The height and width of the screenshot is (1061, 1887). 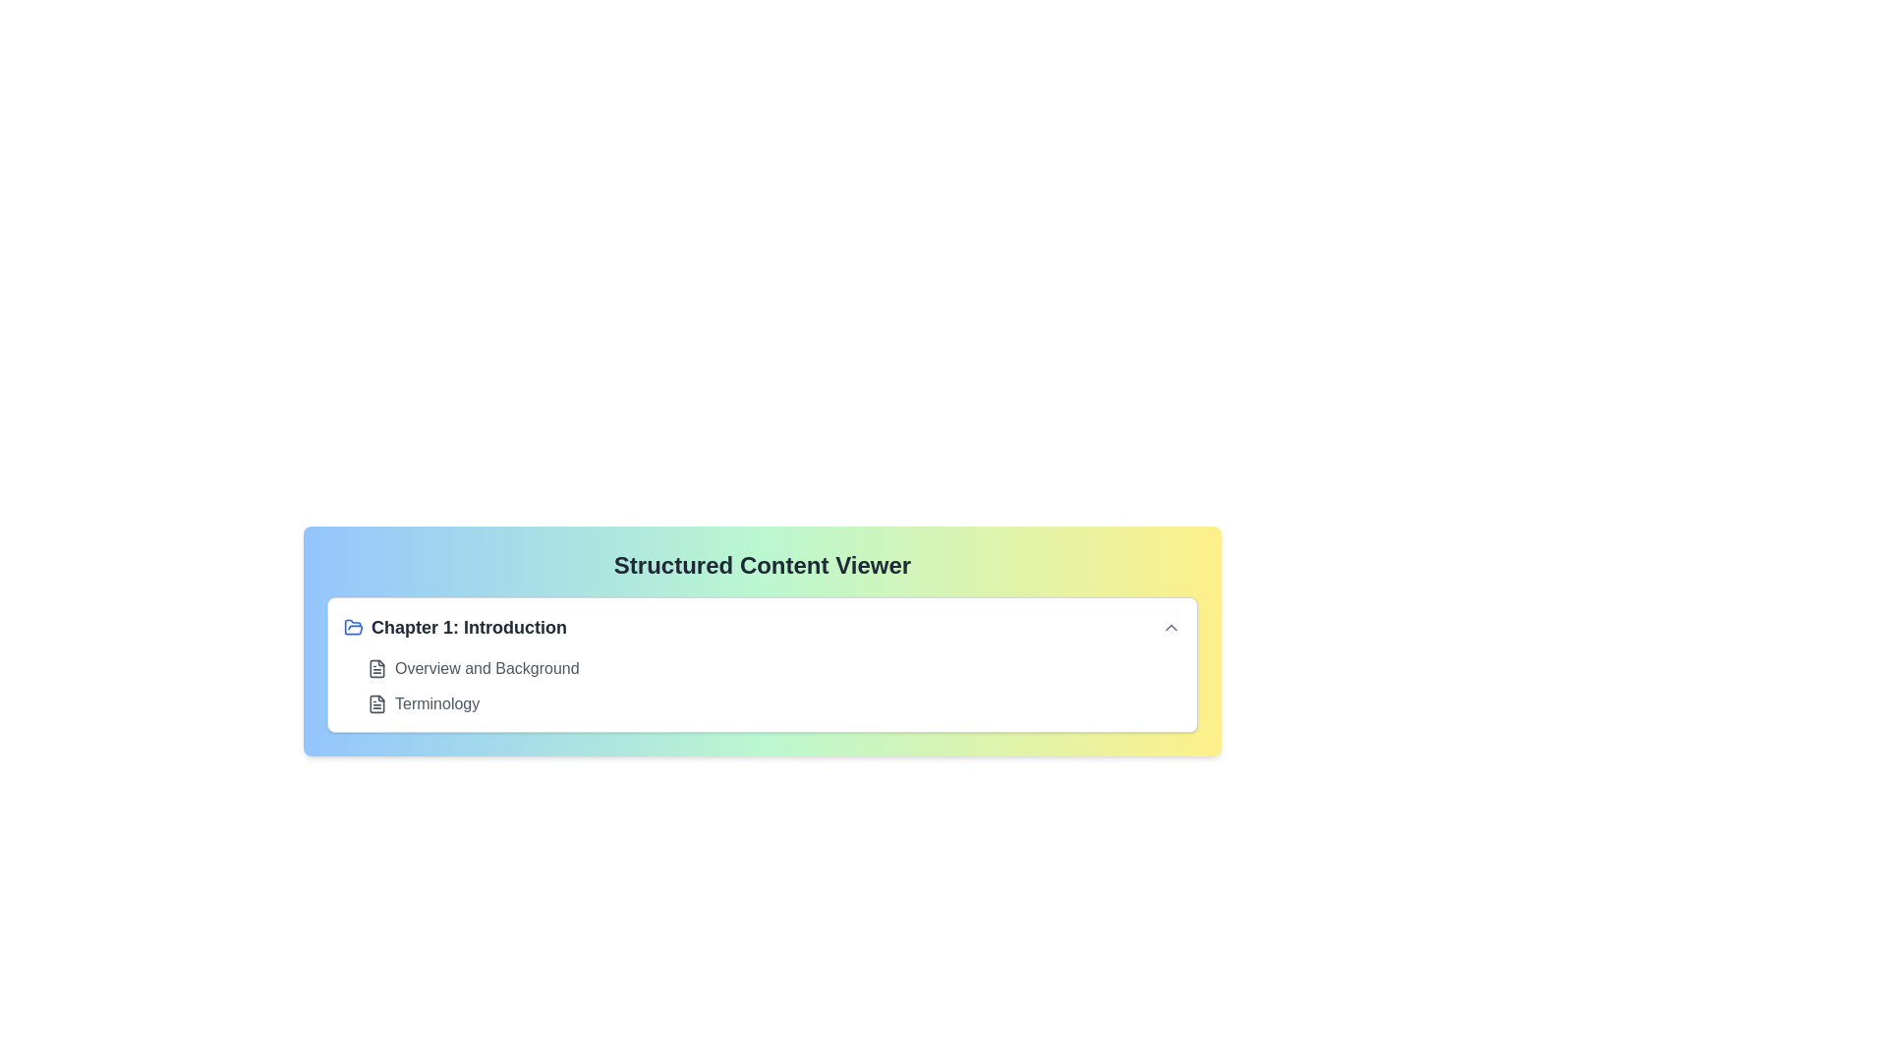 What do you see at coordinates (436, 703) in the screenshot?
I see `the 'Terminology' label, which is a gray text element styled in sans-serif font, positioned below the 'Overview and Background' text and next to a document icon, to trigger additional actions` at bounding box center [436, 703].